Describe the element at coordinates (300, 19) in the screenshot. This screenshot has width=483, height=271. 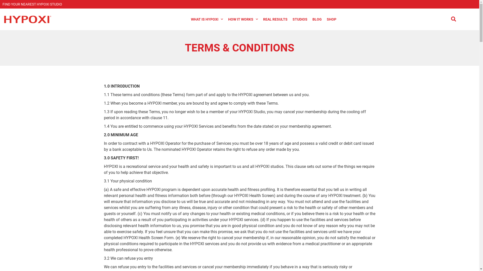
I see `'STUDIOS'` at that location.